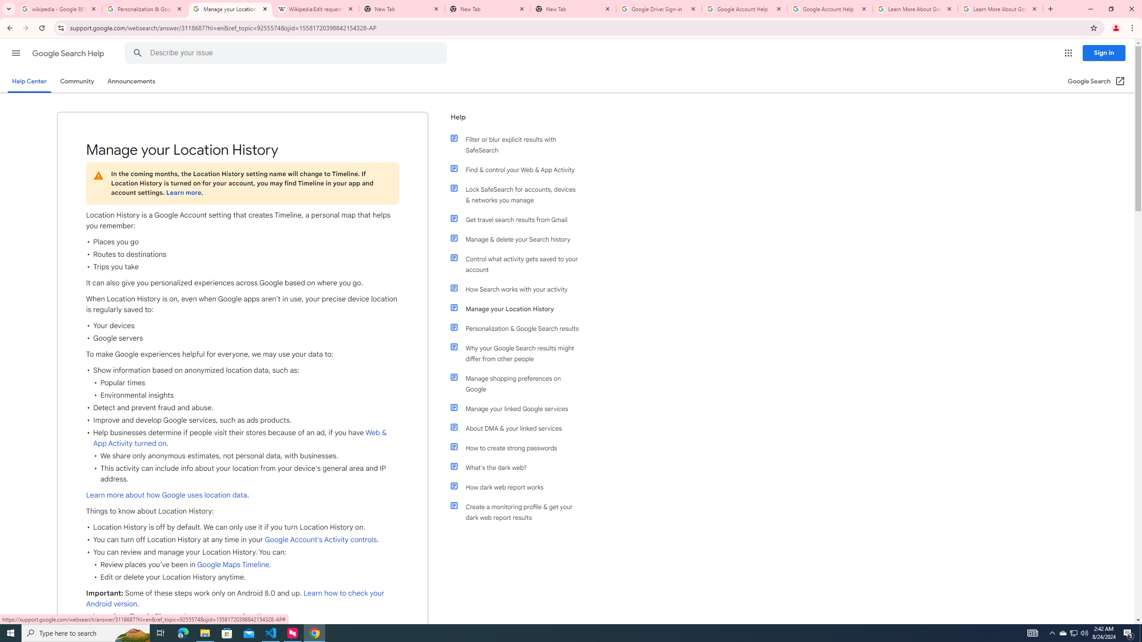 This screenshot has height=642, width=1142. What do you see at coordinates (518, 384) in the screenshot?
I see `'Manage shopping preferences on Google'` at bounding box center [518, 384].